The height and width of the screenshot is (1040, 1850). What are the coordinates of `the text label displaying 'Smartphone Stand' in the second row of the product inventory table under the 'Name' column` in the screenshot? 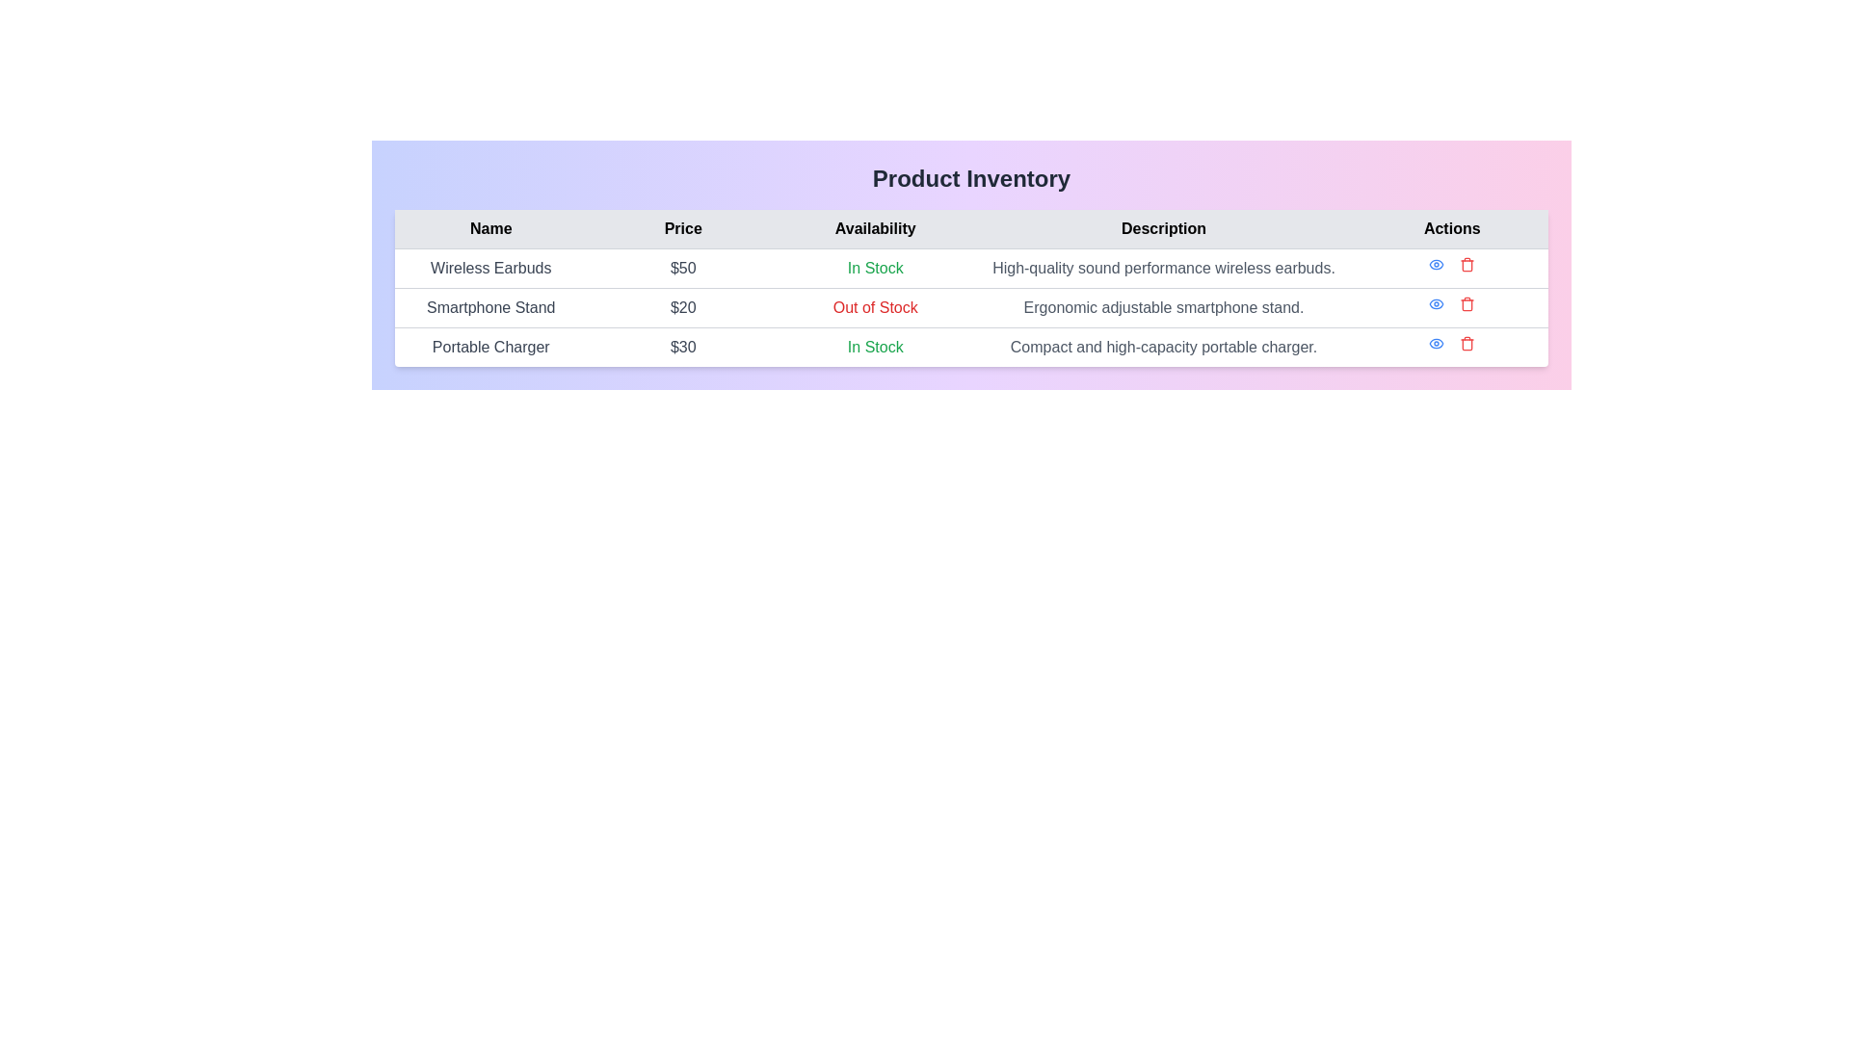 It's located at (490, 307).